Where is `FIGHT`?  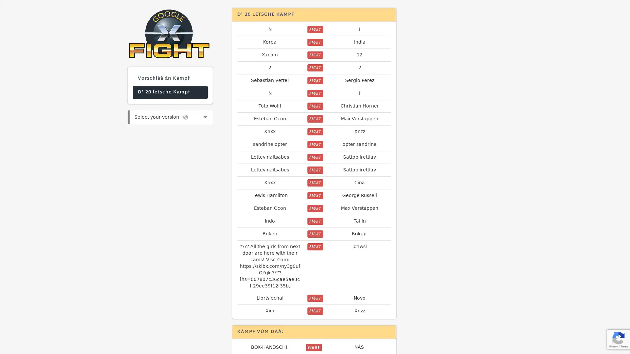 FIGHT is located at coordinates (315, 119).